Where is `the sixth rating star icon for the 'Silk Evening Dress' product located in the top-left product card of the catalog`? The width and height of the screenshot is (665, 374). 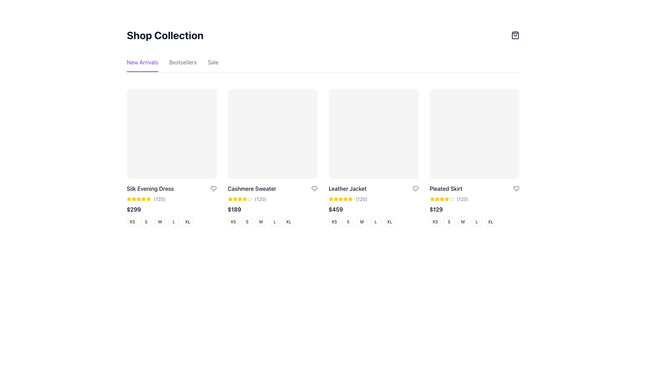 the sixth rating star icon for the 'Silk Evening Dress' product located in the top-left product card of the catalog is located at coordinates (143, 199).